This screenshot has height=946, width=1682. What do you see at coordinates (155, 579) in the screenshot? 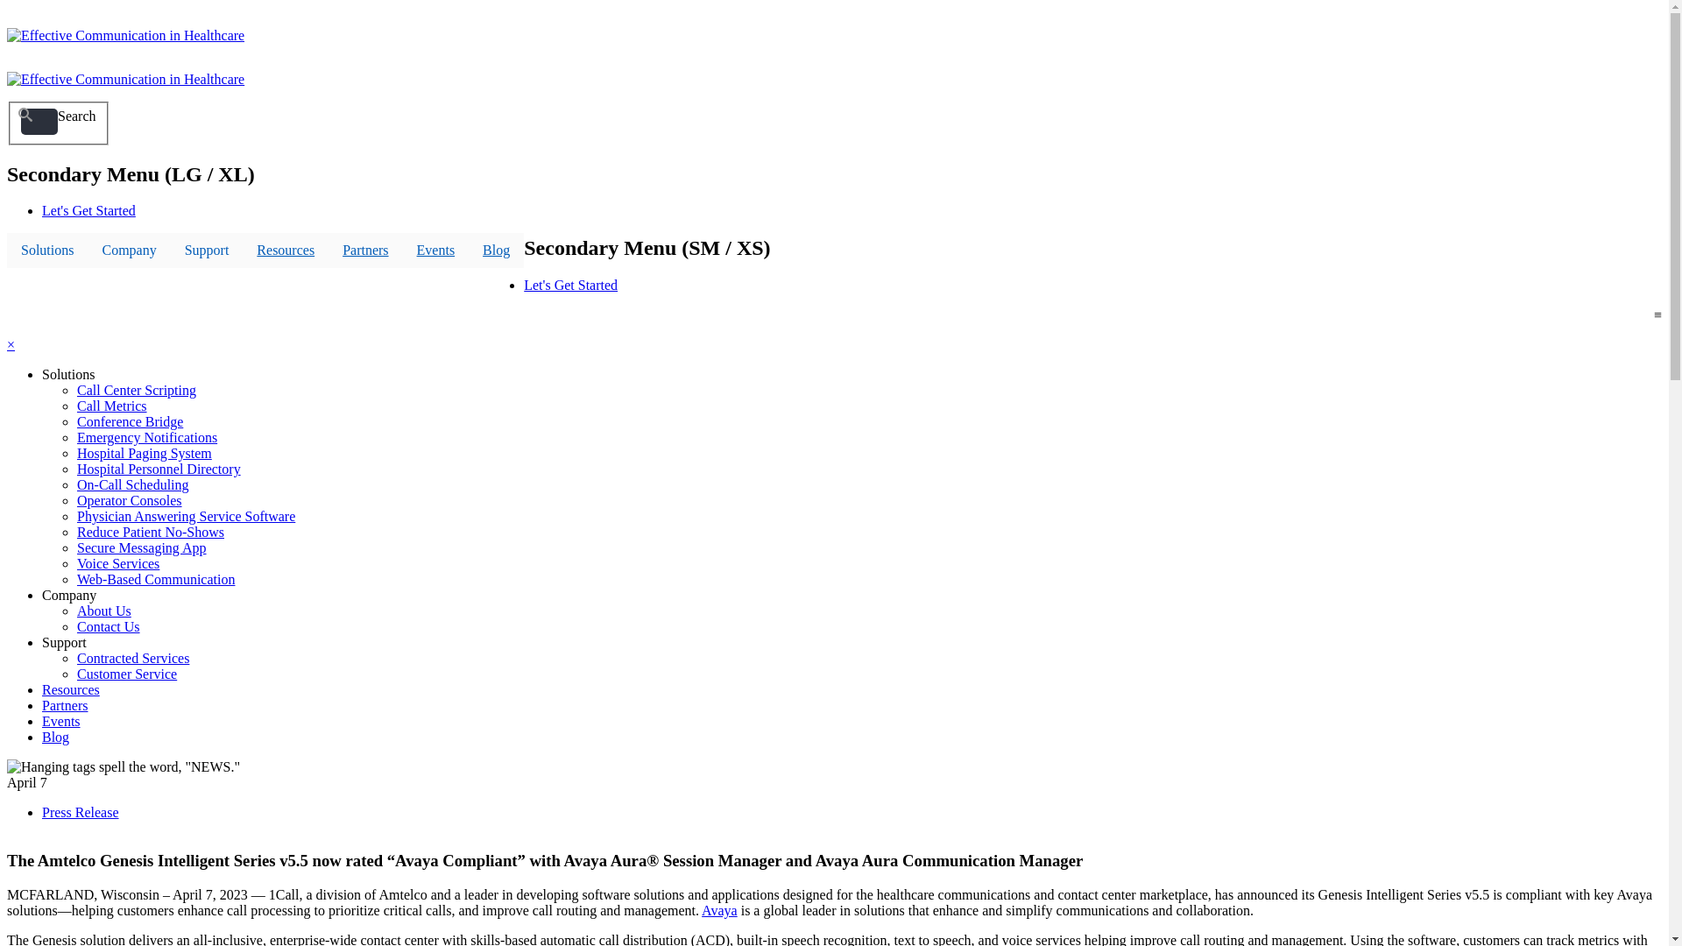
I see `'Web-Based Communication'` at bounding box center [155, 579].